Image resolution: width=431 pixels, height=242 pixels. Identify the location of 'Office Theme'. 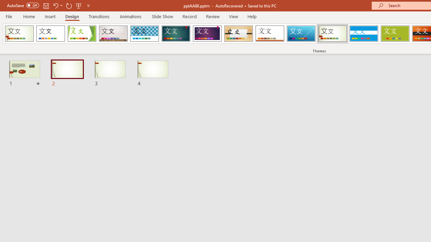
(50, 34).